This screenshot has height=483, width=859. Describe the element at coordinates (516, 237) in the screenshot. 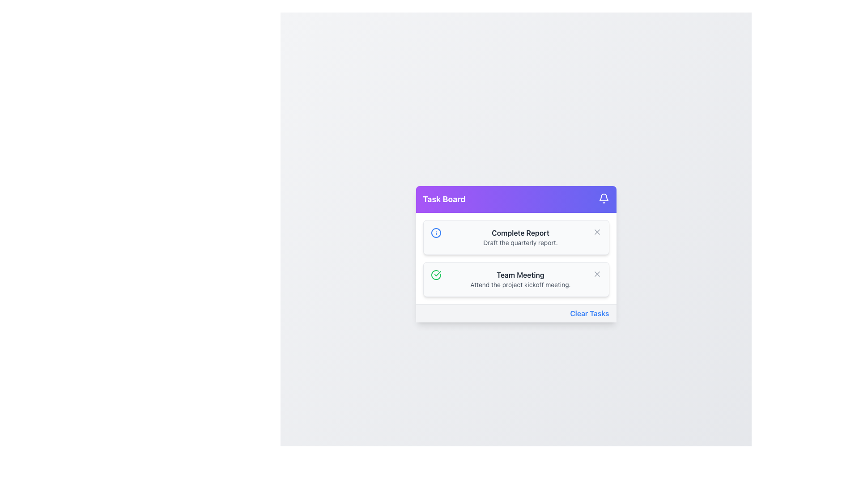

I see `the Task Card displaying 'Complete Report', which is the first task in the Task Board interface, positioned above the 'Team Meeting' task` at that location.